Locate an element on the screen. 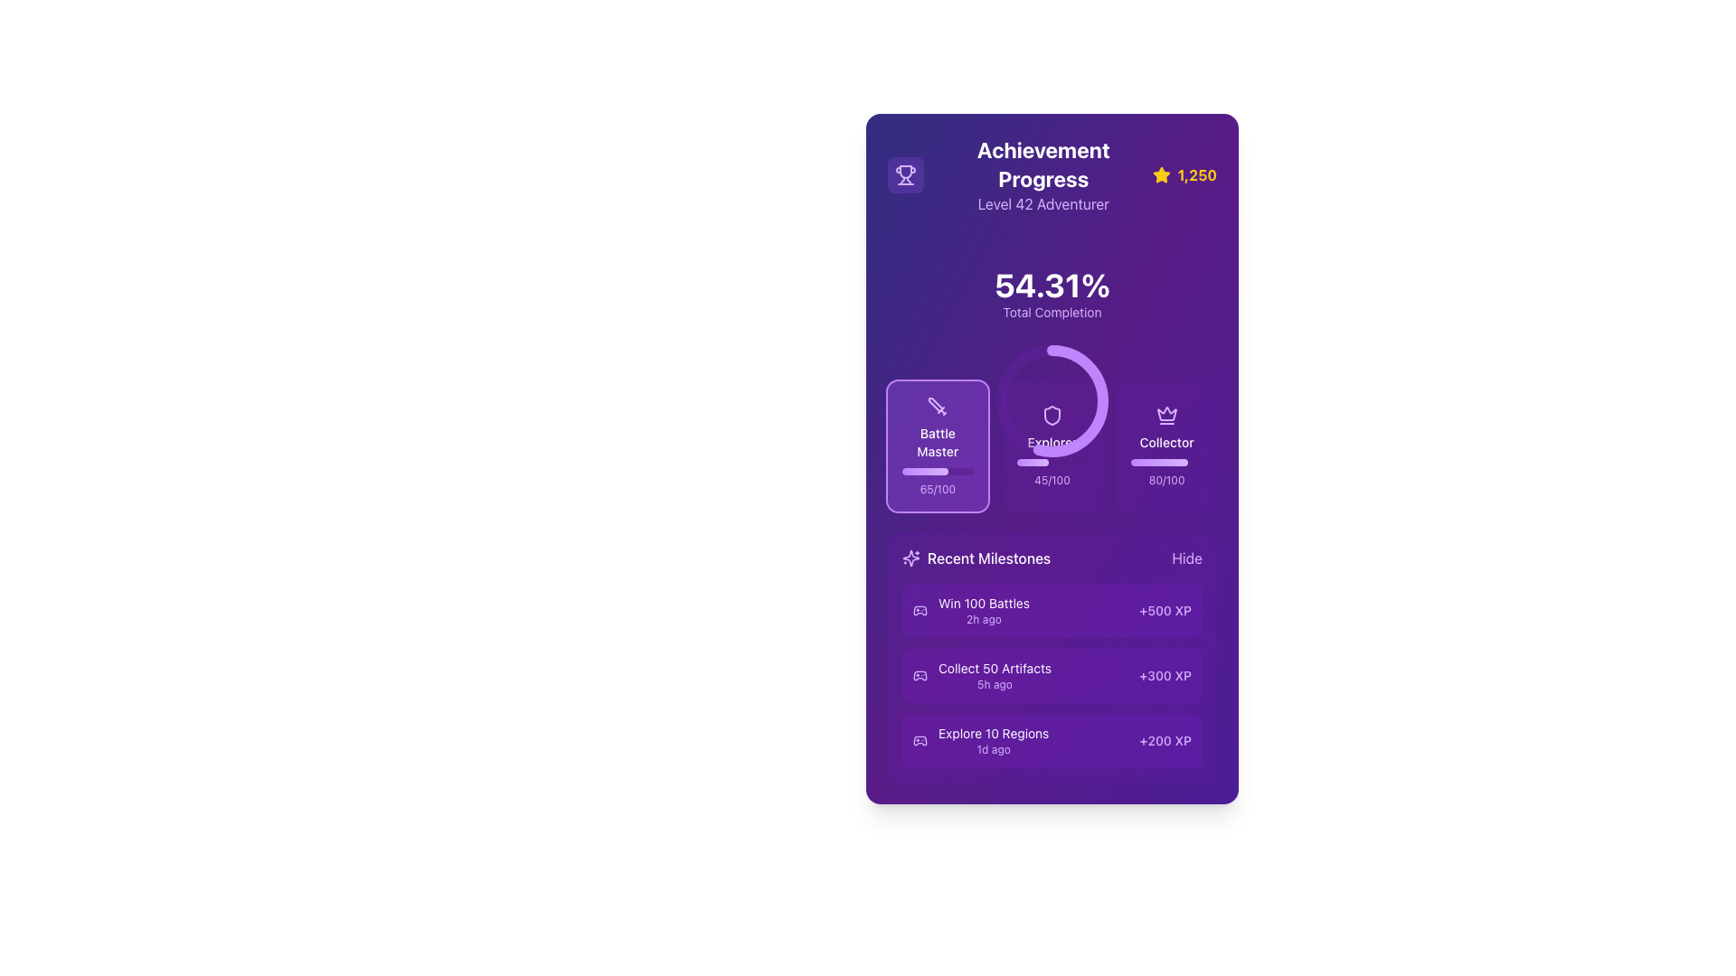 Image resolution: width=1736 pixels, height=976 pixels. the milestone task icon located to the left of the text 'Collect 50 Artifacts' in the 'Recent Milestones' section is located at coordinates (920, 676).